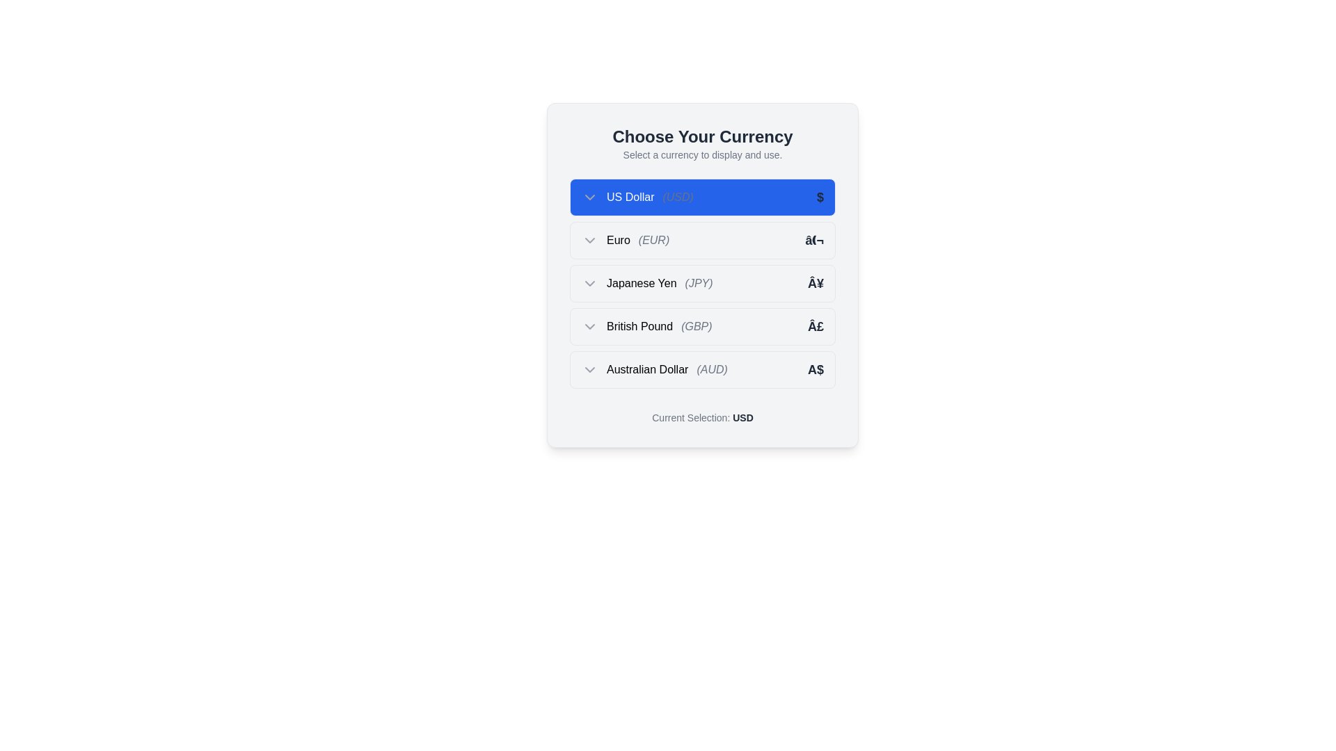  I want to click on the List item displaying 'Australian Dollar (AUD)', so click(702, 369).